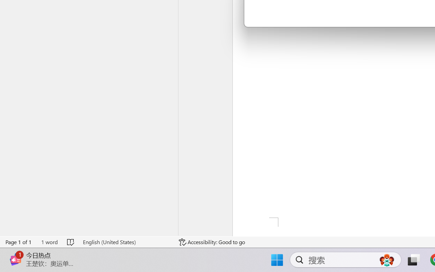 The height and width of the screenshot is (272, 435). What do you see at coordinates (387, 260) in the screenshot?
I see `'AutomationID: DynamicSearchBoxGleamImage'` at bounding box center [387, 260].